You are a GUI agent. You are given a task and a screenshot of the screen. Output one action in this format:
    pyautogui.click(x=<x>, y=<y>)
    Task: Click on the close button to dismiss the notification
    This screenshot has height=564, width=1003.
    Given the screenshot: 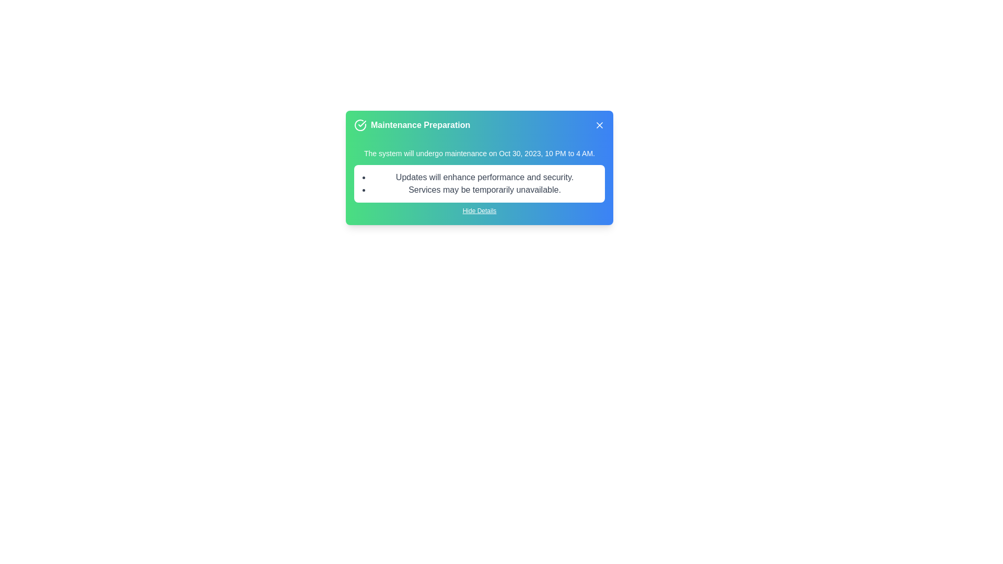 What is the action you would take?
    pyautogui.click(x=599, y=124)
    